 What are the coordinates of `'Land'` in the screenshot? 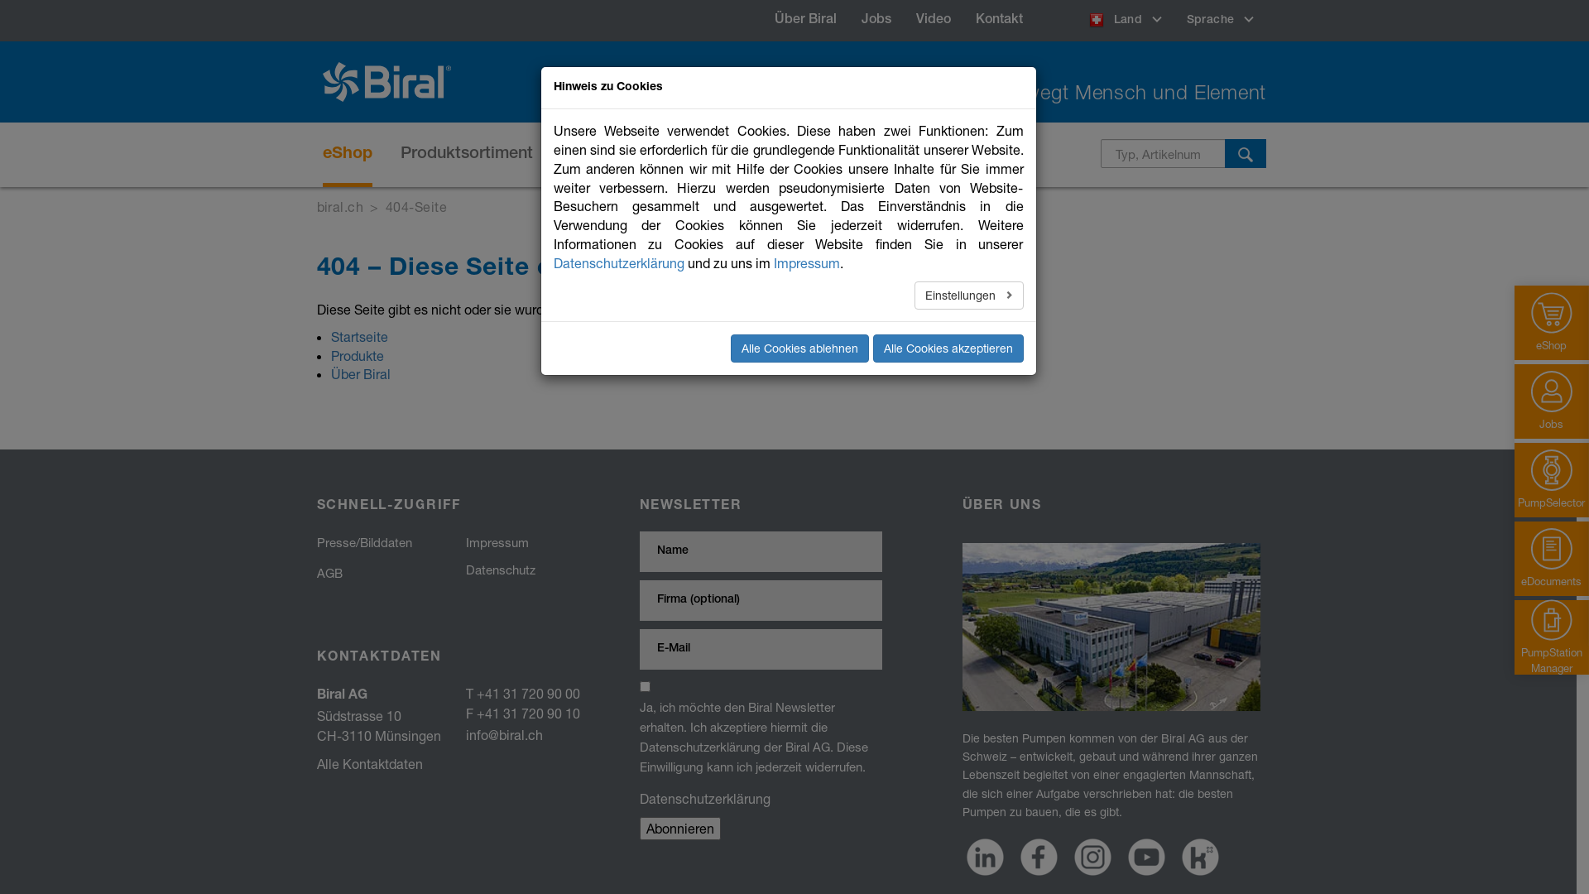 It's located at (1076, 20).